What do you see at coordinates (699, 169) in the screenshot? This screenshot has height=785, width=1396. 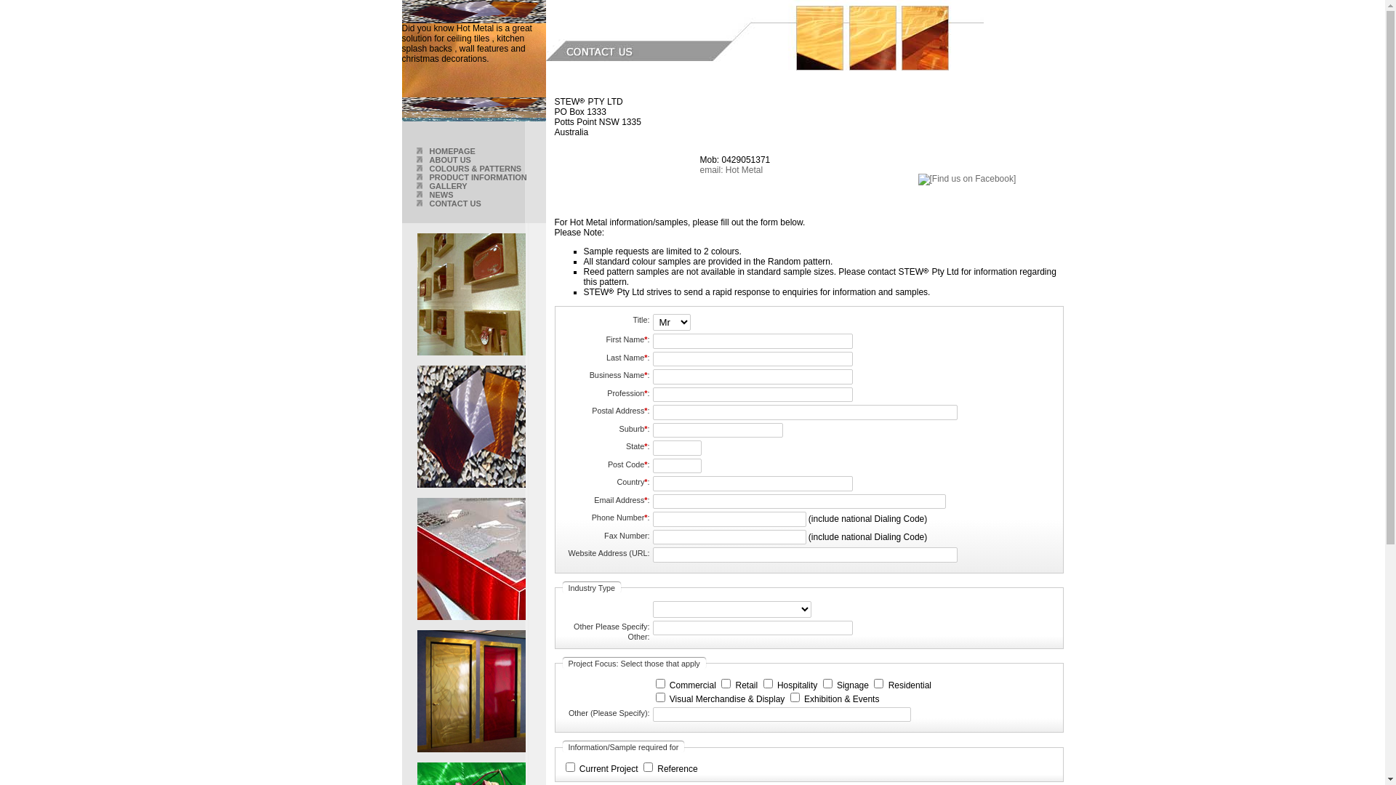 I see `'email: Hot Metal'` at bounding box center [699, 169].